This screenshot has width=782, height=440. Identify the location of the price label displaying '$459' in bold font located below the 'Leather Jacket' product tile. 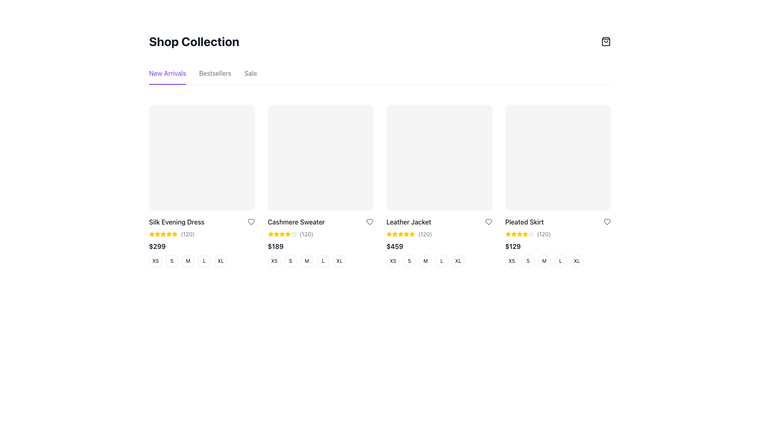
(395, 246).